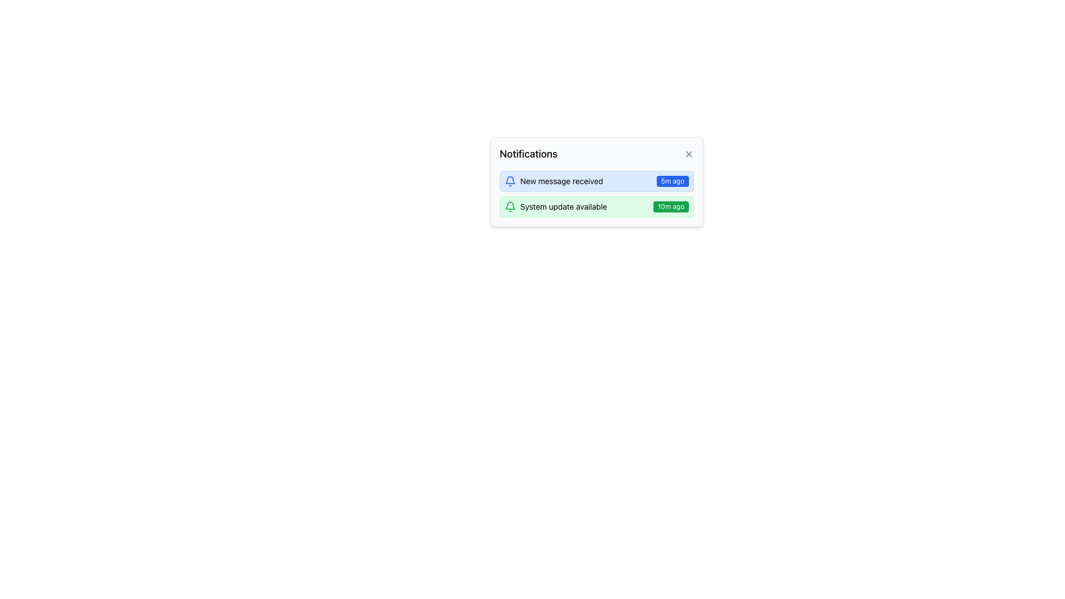 The height and width of the screenshot is (599, 1065). Describe the element at coordinates (510, 181) in the screenshot. I see `the blue outlined bell icon to interact with the notification in the topmost notification card, located to the left of the 'New message received' text` at that location.